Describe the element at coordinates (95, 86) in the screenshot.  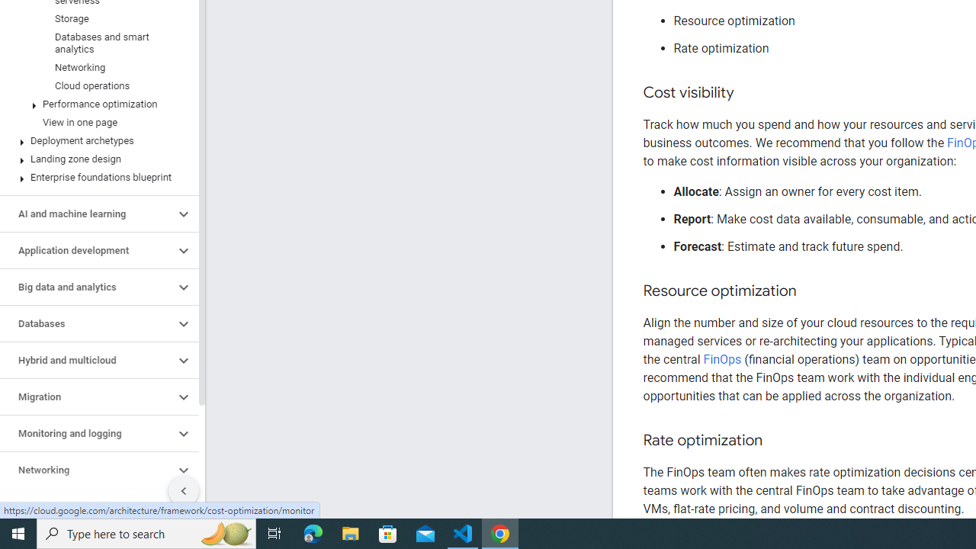
I see `'Cloud operations'` at that location.